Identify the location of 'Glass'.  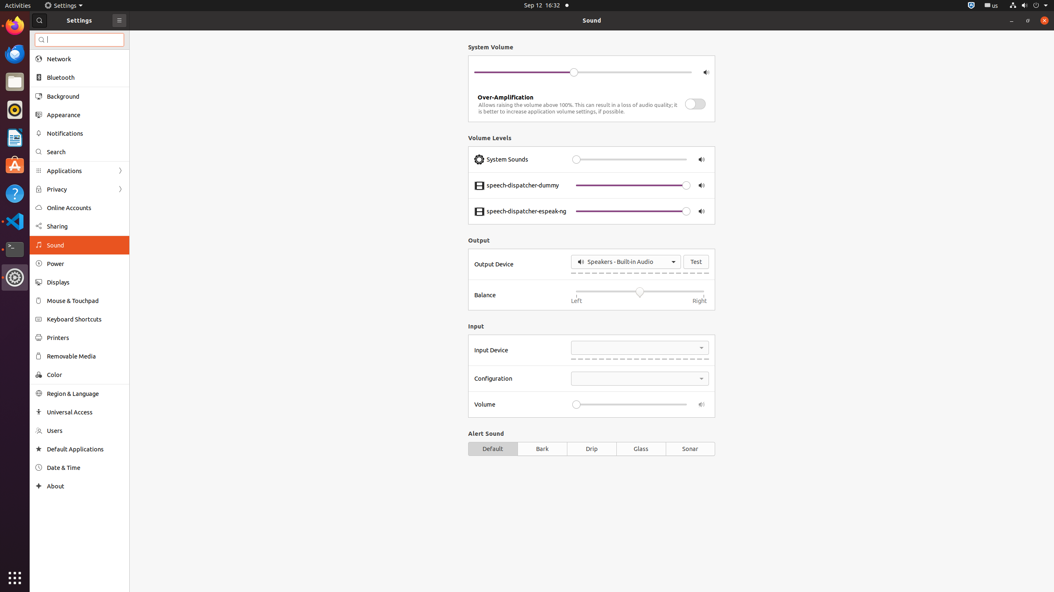
(641, 449).